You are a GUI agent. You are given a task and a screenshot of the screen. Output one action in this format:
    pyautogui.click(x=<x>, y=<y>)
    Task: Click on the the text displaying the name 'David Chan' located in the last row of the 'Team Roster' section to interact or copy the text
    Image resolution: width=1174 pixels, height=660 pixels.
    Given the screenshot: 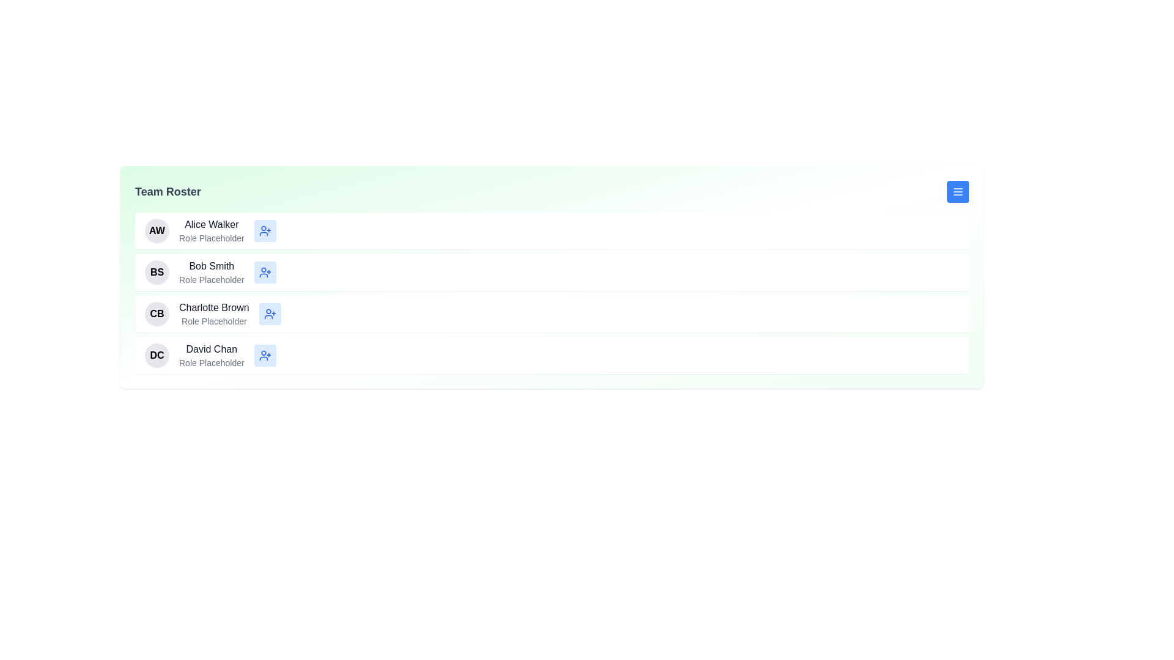 What is the action you would take?
    pyautogui.click(x=212, y=349)
    